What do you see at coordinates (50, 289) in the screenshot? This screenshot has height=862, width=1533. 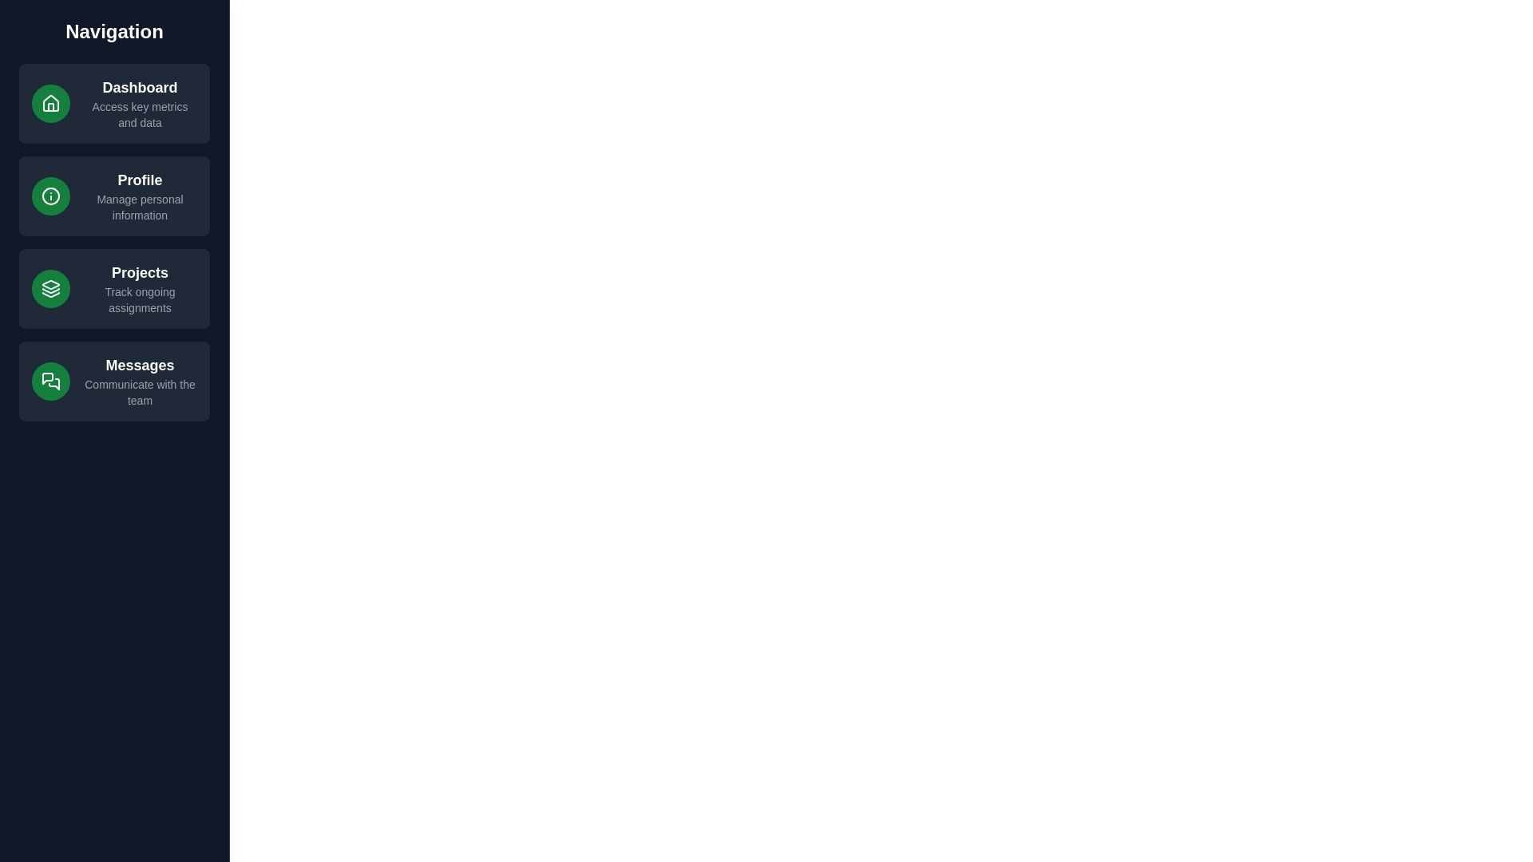 I see `the icon associated with the Projects navigation item` at bounding box center [50, 289].